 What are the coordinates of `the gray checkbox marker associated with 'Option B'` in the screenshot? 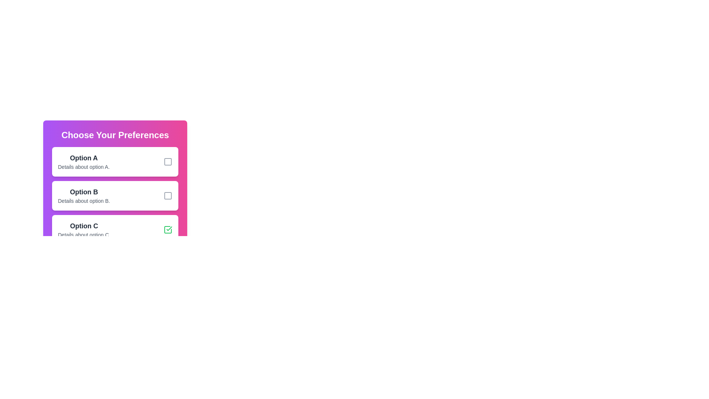 It's located at (168, 195).